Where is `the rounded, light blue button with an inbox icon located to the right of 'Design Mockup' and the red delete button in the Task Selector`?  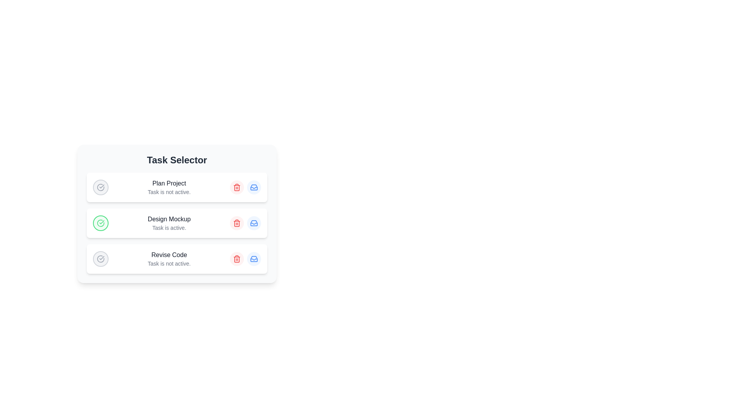
the rounded, light blue button with an inbox icon located to the right of 'Design Mockup' and the red delete button in the Task Selector is located at coordinates (254, 223).